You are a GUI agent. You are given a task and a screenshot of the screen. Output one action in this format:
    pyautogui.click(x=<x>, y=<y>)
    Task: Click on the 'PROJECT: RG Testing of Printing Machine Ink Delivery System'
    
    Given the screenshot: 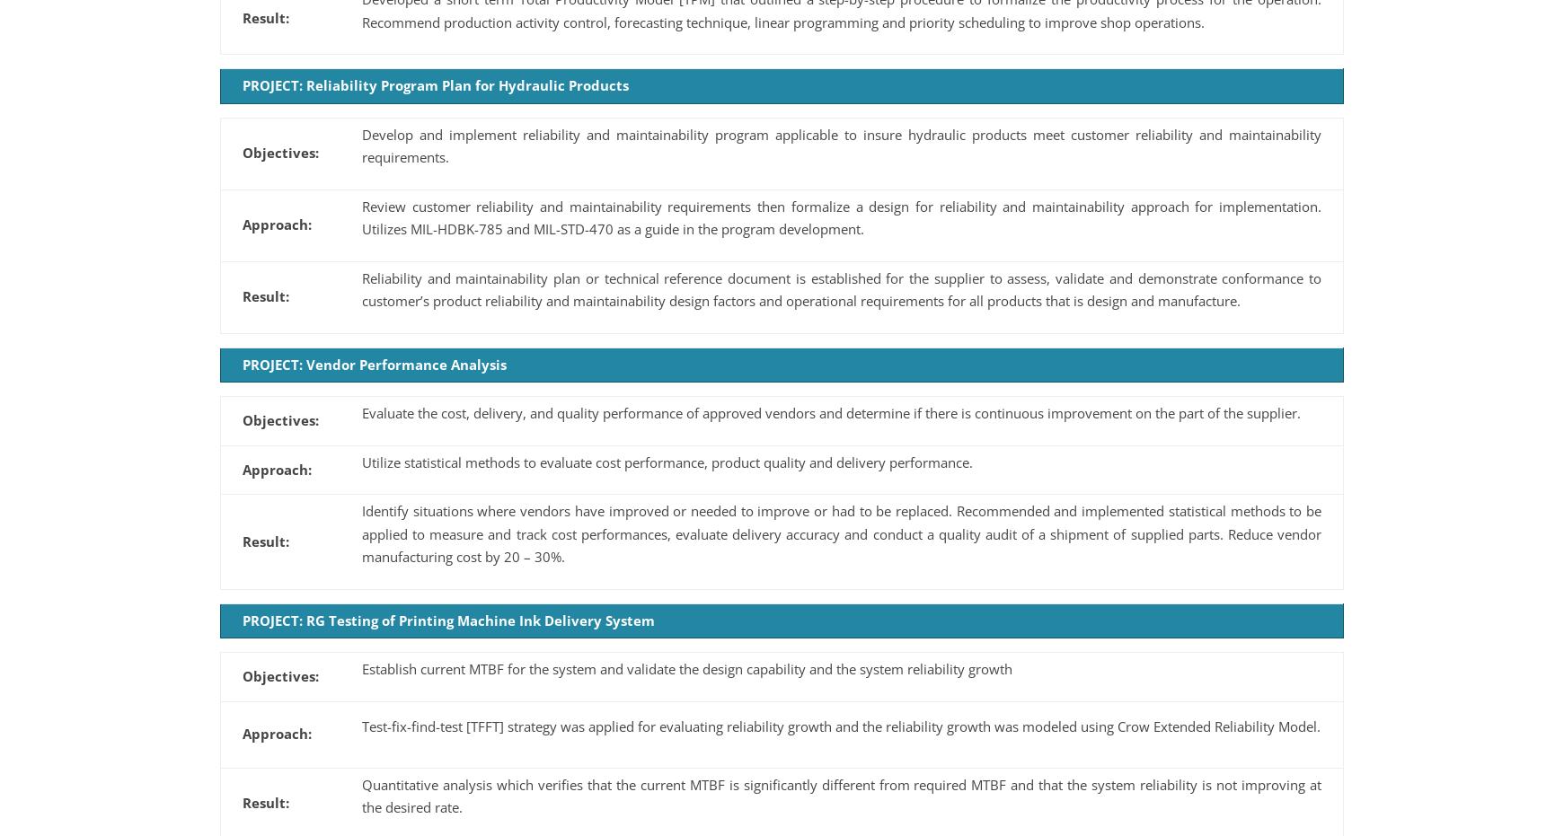 What is the action you would take?
    pyautogui.click(x=447, y=618)
    